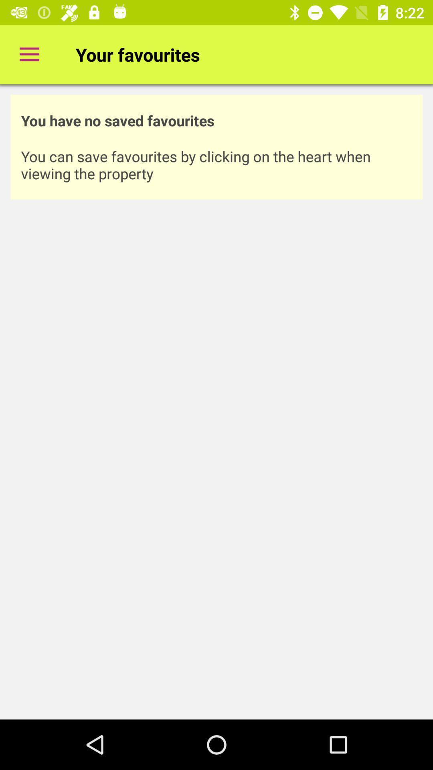 This screenshot has width=433, height=770. What do you see at coordinates (29, 54) in the screenshot?
I see `item next to the your favourites item` at bounding box center [29, 54].